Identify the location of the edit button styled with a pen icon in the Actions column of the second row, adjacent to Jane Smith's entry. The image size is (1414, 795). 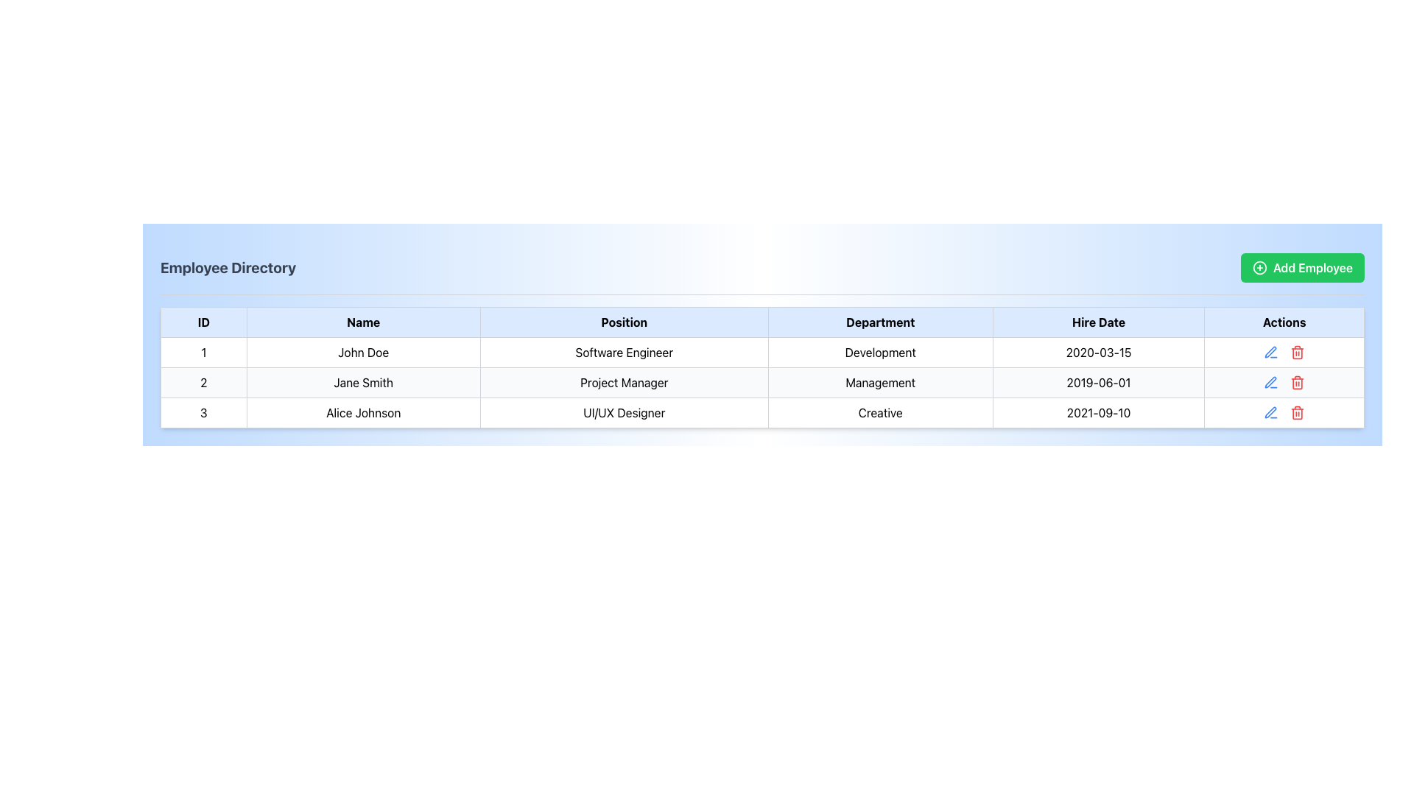
(1270, 382).